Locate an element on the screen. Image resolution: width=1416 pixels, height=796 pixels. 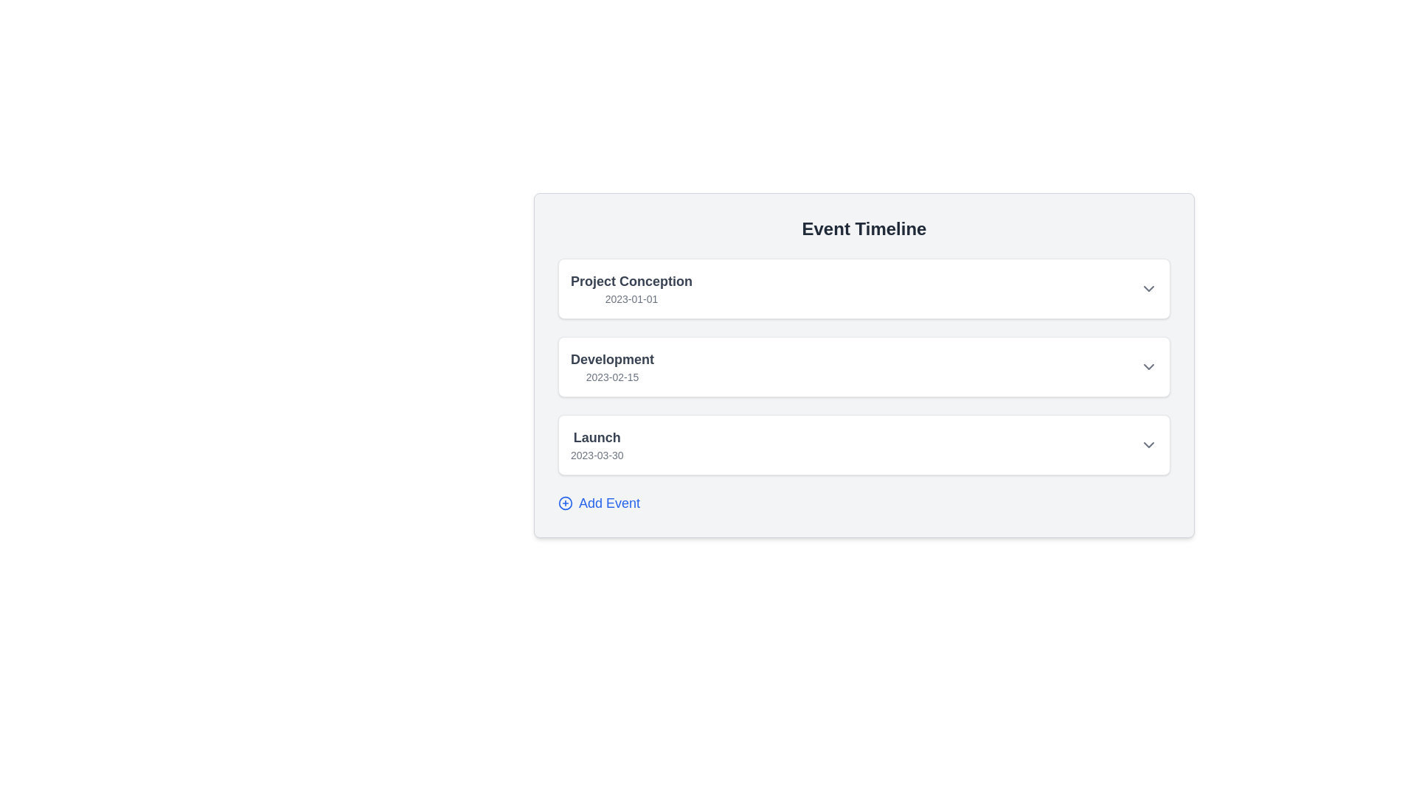
the 'Project Conception' text in the Information Display is located at coordinates (631, 289).